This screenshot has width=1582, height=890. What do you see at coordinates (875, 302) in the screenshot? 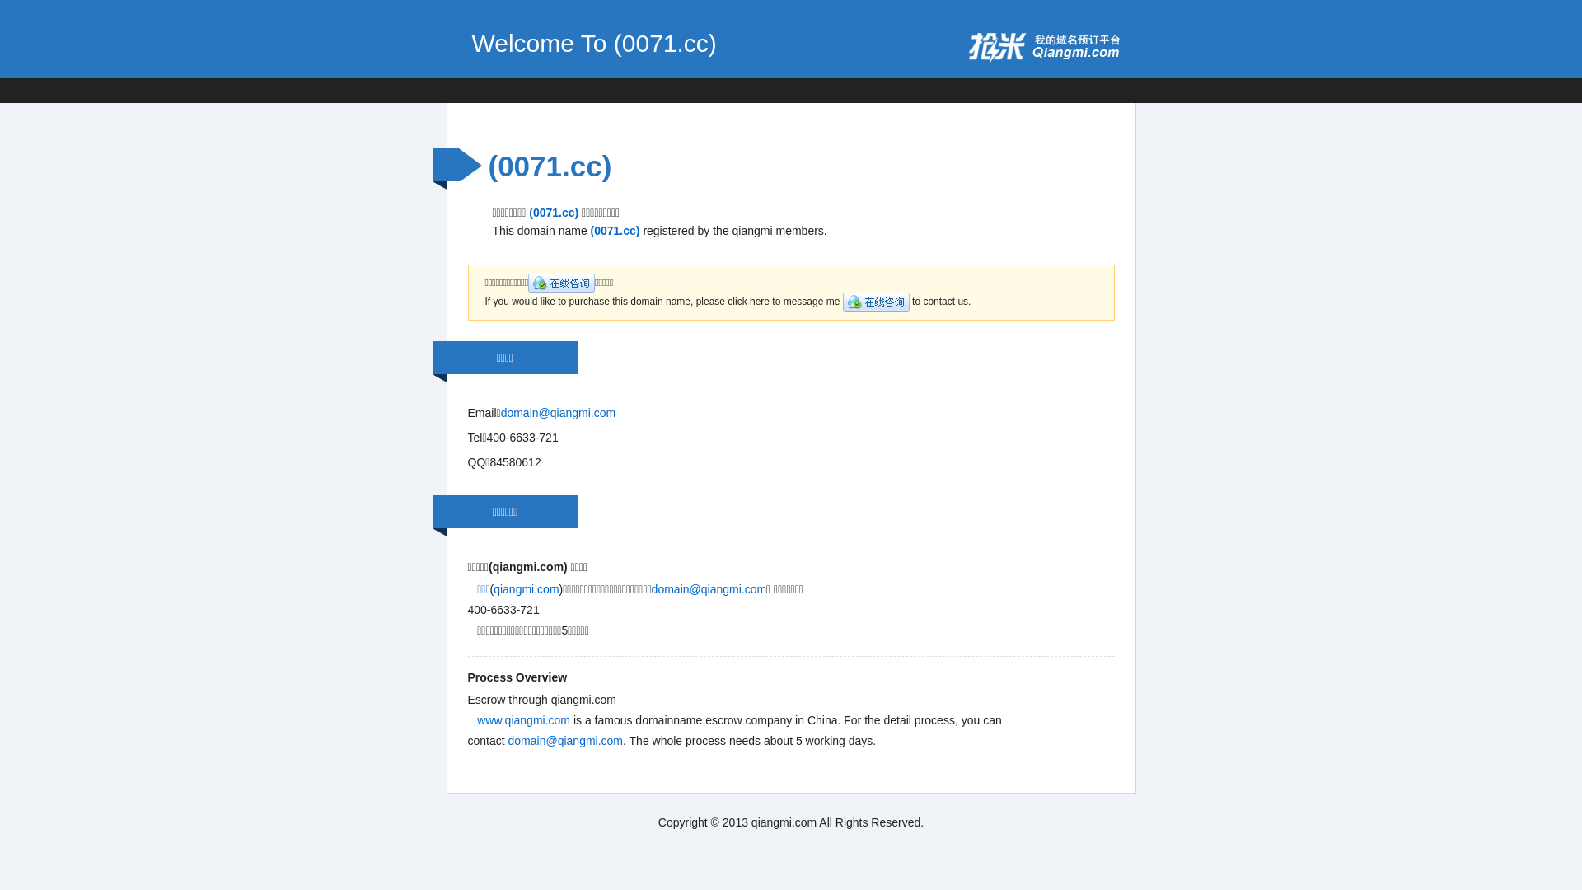
I see `'click here'` at bounding box center [875, 302].